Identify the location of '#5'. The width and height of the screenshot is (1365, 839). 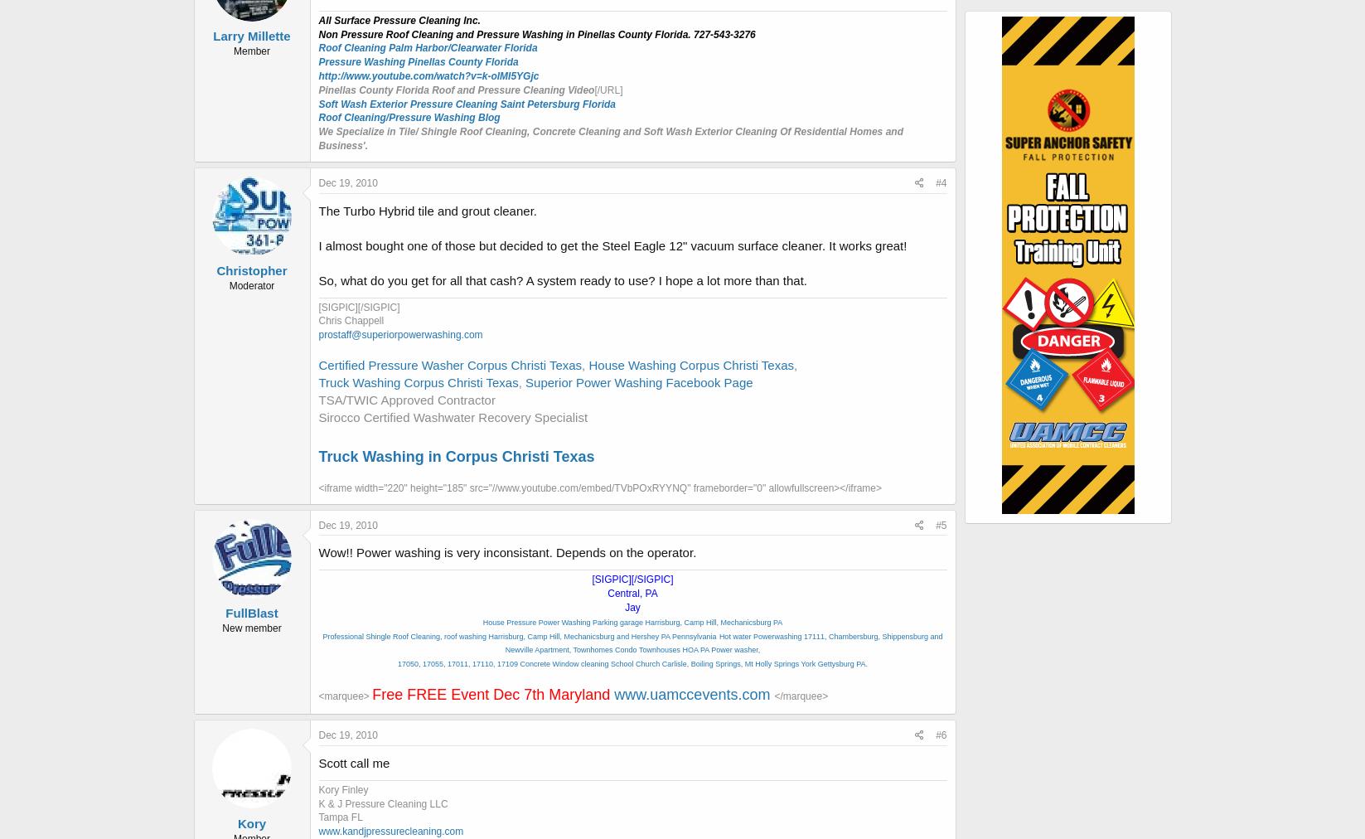
(941, 524).